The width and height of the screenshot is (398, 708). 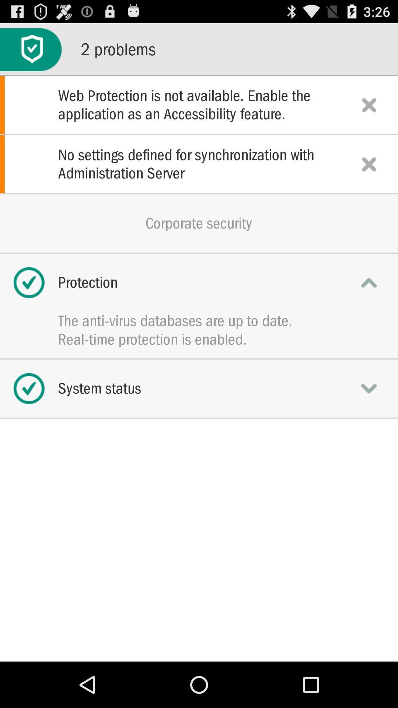 I want to click on system status options, so click(x=369, y=388).